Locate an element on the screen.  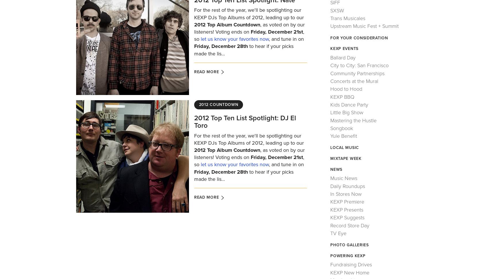
'Songbook' is located at coordinates (330, 127).